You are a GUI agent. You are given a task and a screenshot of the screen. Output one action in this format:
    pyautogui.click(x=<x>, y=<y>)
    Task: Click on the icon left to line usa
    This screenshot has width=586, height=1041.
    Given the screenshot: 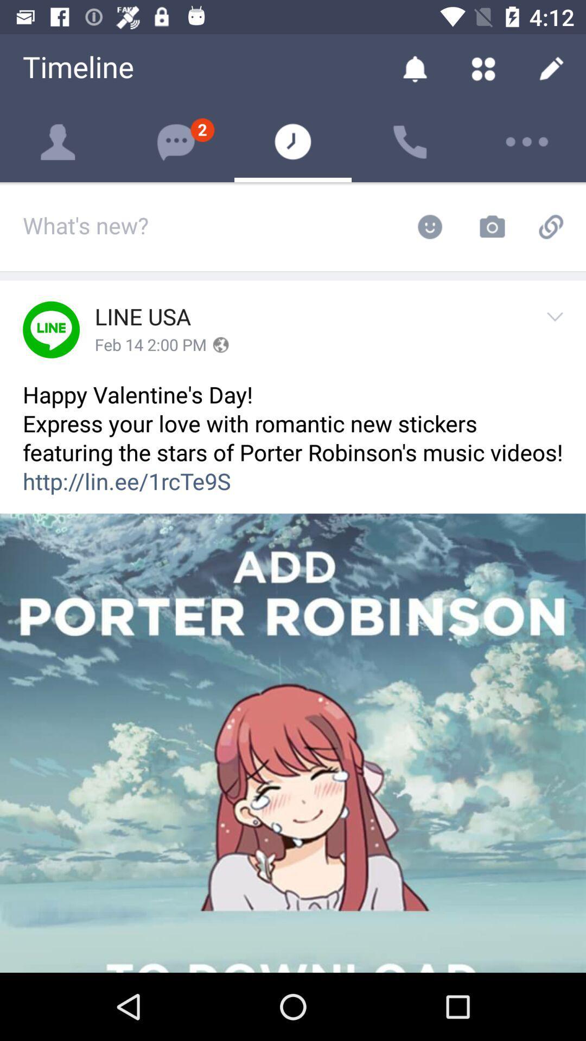 What is the action you would take?
    pyautogui.click(x=51, y=329)
    